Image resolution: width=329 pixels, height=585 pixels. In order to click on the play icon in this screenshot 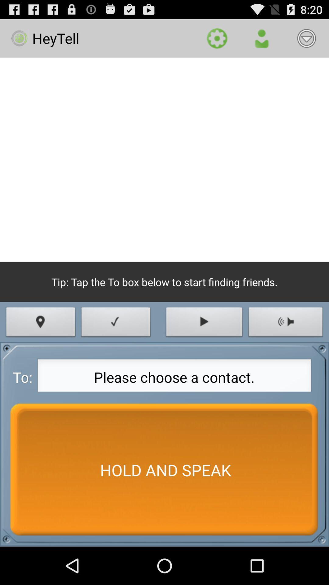, I will do `click(204, 346)`.